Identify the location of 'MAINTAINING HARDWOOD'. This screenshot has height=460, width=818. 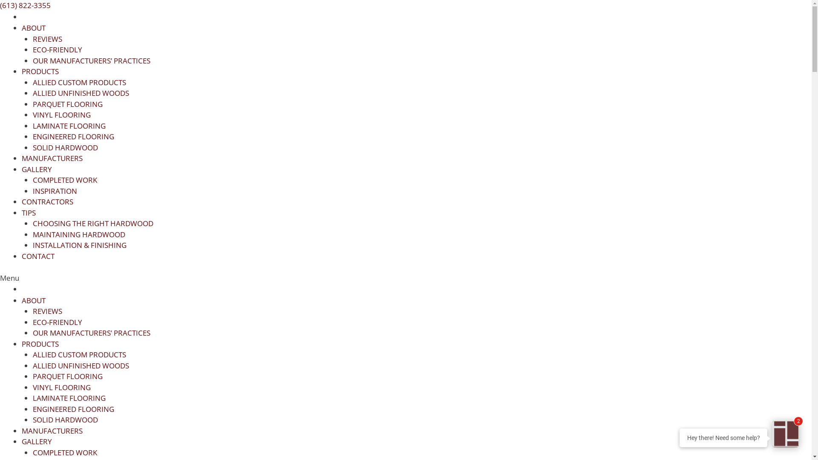
(78, 234).